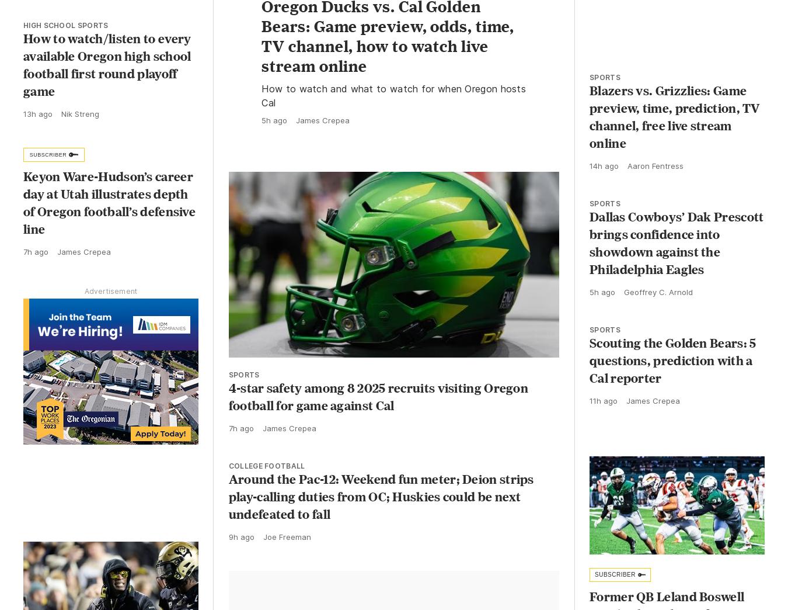 Image resolution: width=788 pixels, height=610 pixels. I want to click on '13h ago', so click(37, 112).